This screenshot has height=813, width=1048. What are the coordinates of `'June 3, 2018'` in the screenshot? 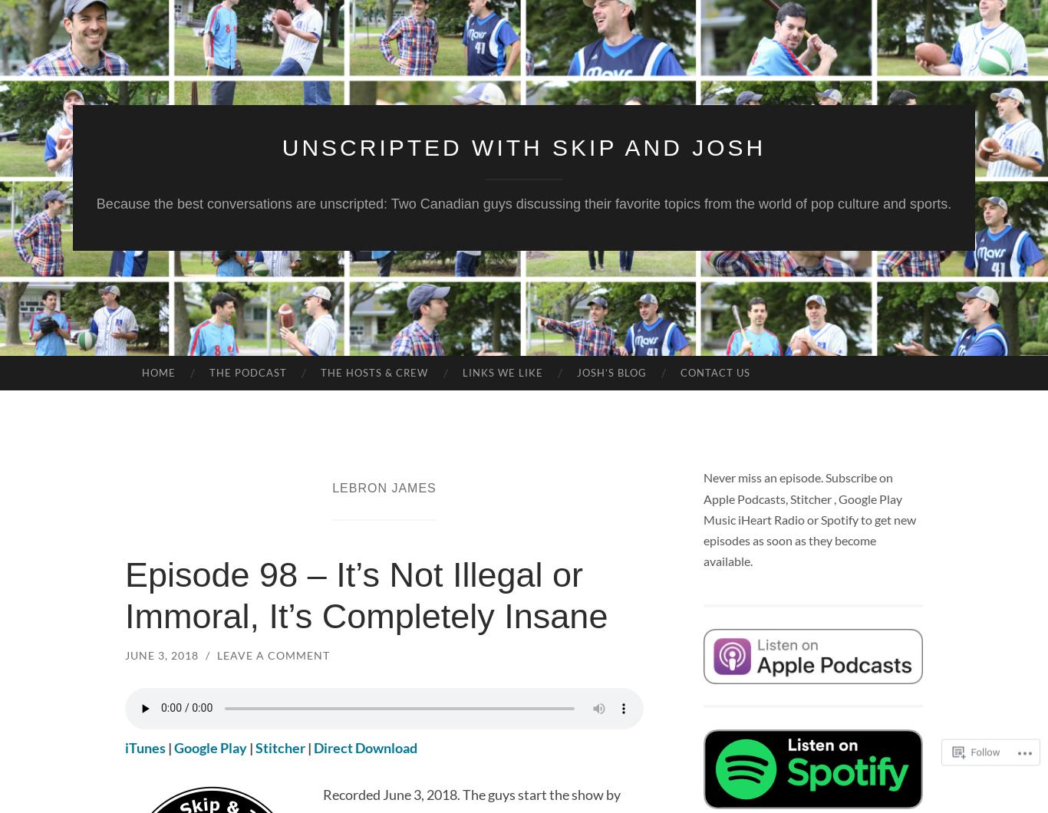 It's located at (161, 654).